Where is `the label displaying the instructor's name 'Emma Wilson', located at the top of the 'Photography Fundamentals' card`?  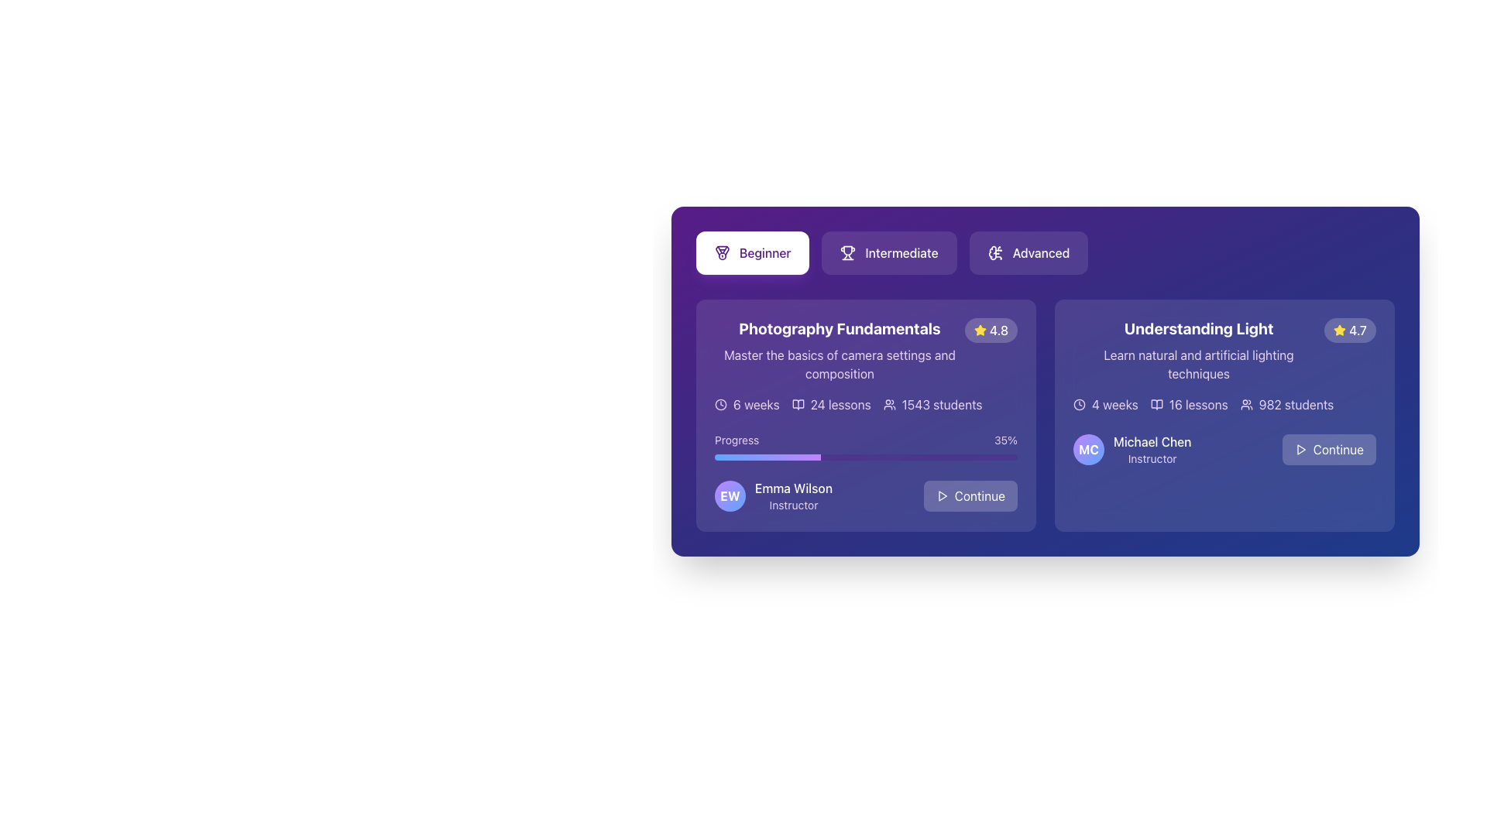 the label displaying the instructor's name 'Emma Wilson', located at the top of the 'Photography Fundamentals' card is located at coordinates (794, 488).